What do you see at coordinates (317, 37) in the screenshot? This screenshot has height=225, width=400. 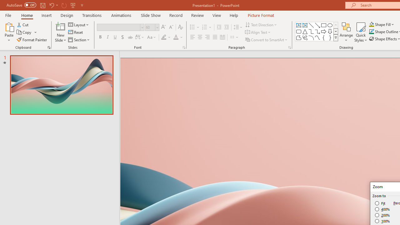 I see `'Curve'` at bounding box center [317, 37].